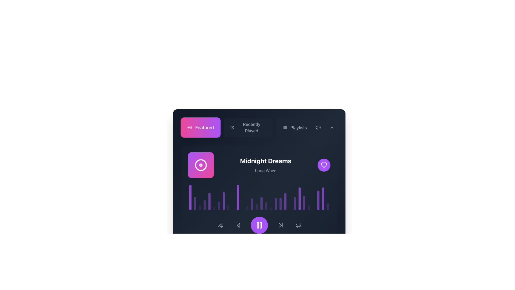 This screenshot has height=290, width=515. Describe the element at coordinates (256, 207) in the screenshot. I see `the Visualizer Bar, which is a vertical pulsating thin rectangle with rounded ends, positioned in the lower section of the interface and aligned towards the center of similar elements` at that location.